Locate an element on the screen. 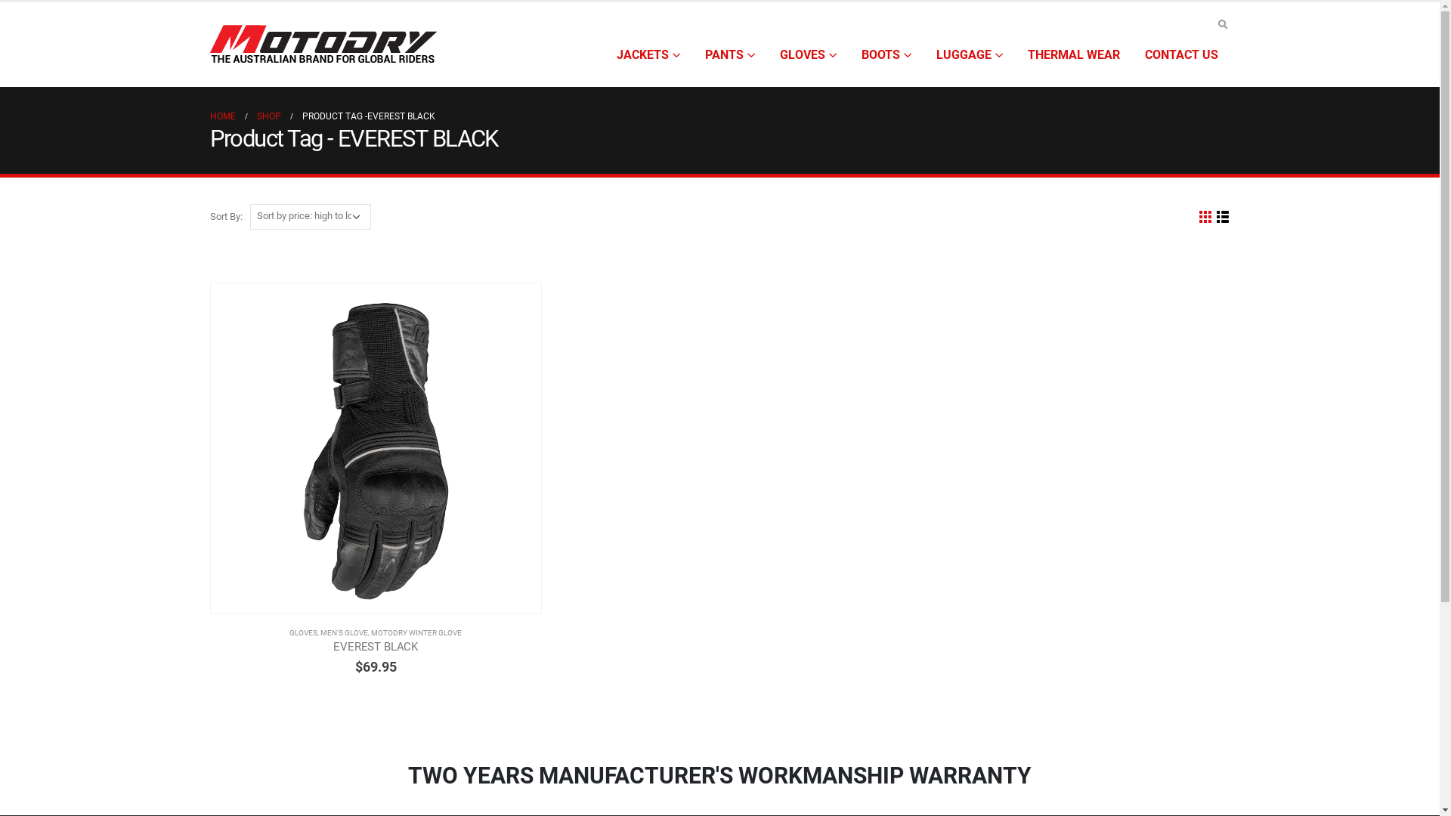 The width and height of the screenshot is (1451, 816). 'List View' is located at coordinates (1222, 217).